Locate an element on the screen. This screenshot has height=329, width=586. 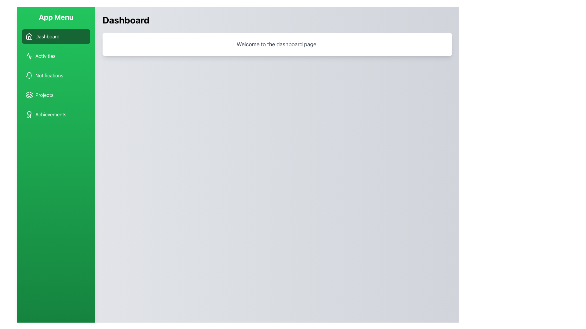
the 'Dashboard' text label, which is a bold, capitalized label located at the top left of the content area is located at coordinates (125, 19).